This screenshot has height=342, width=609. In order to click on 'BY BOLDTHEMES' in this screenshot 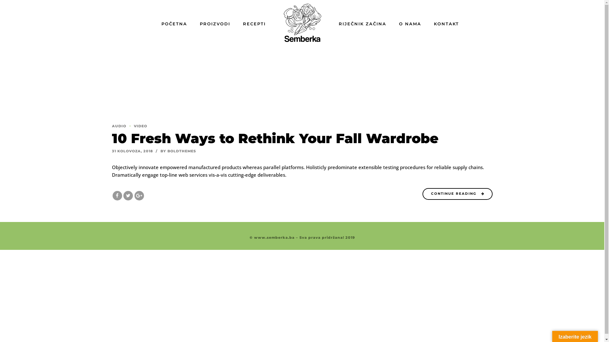, I will do `click(178, 151)`.